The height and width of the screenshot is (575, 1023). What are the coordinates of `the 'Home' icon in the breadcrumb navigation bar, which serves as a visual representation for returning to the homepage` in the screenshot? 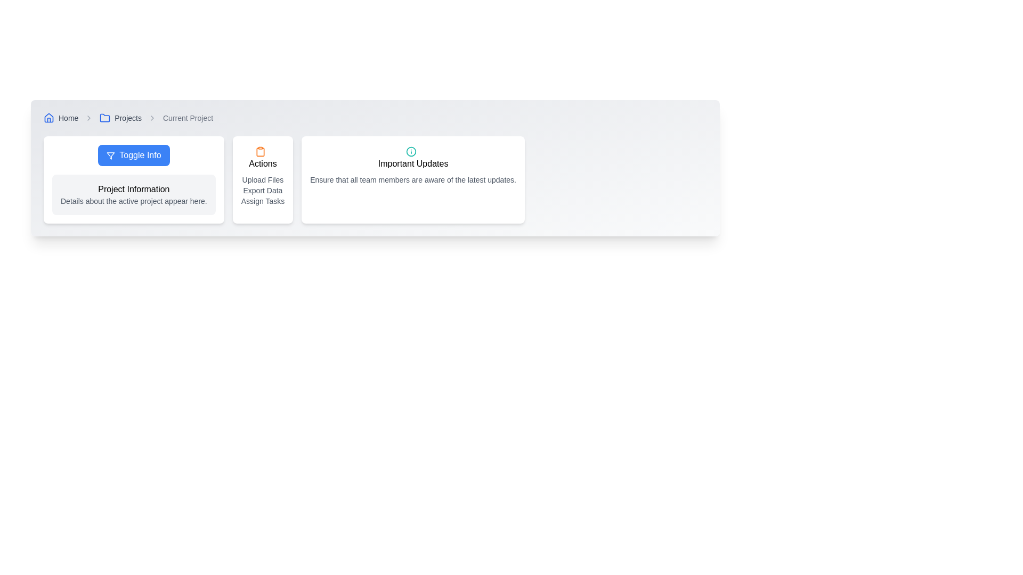 It's located at (48, 117).